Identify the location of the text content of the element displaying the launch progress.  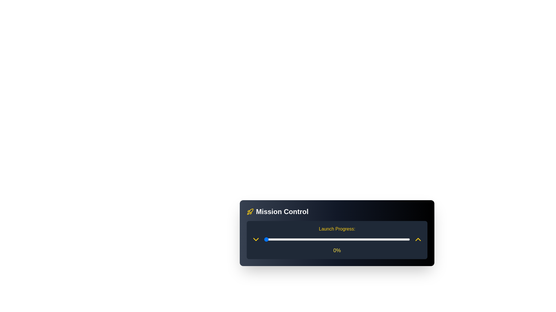
(337, 250).